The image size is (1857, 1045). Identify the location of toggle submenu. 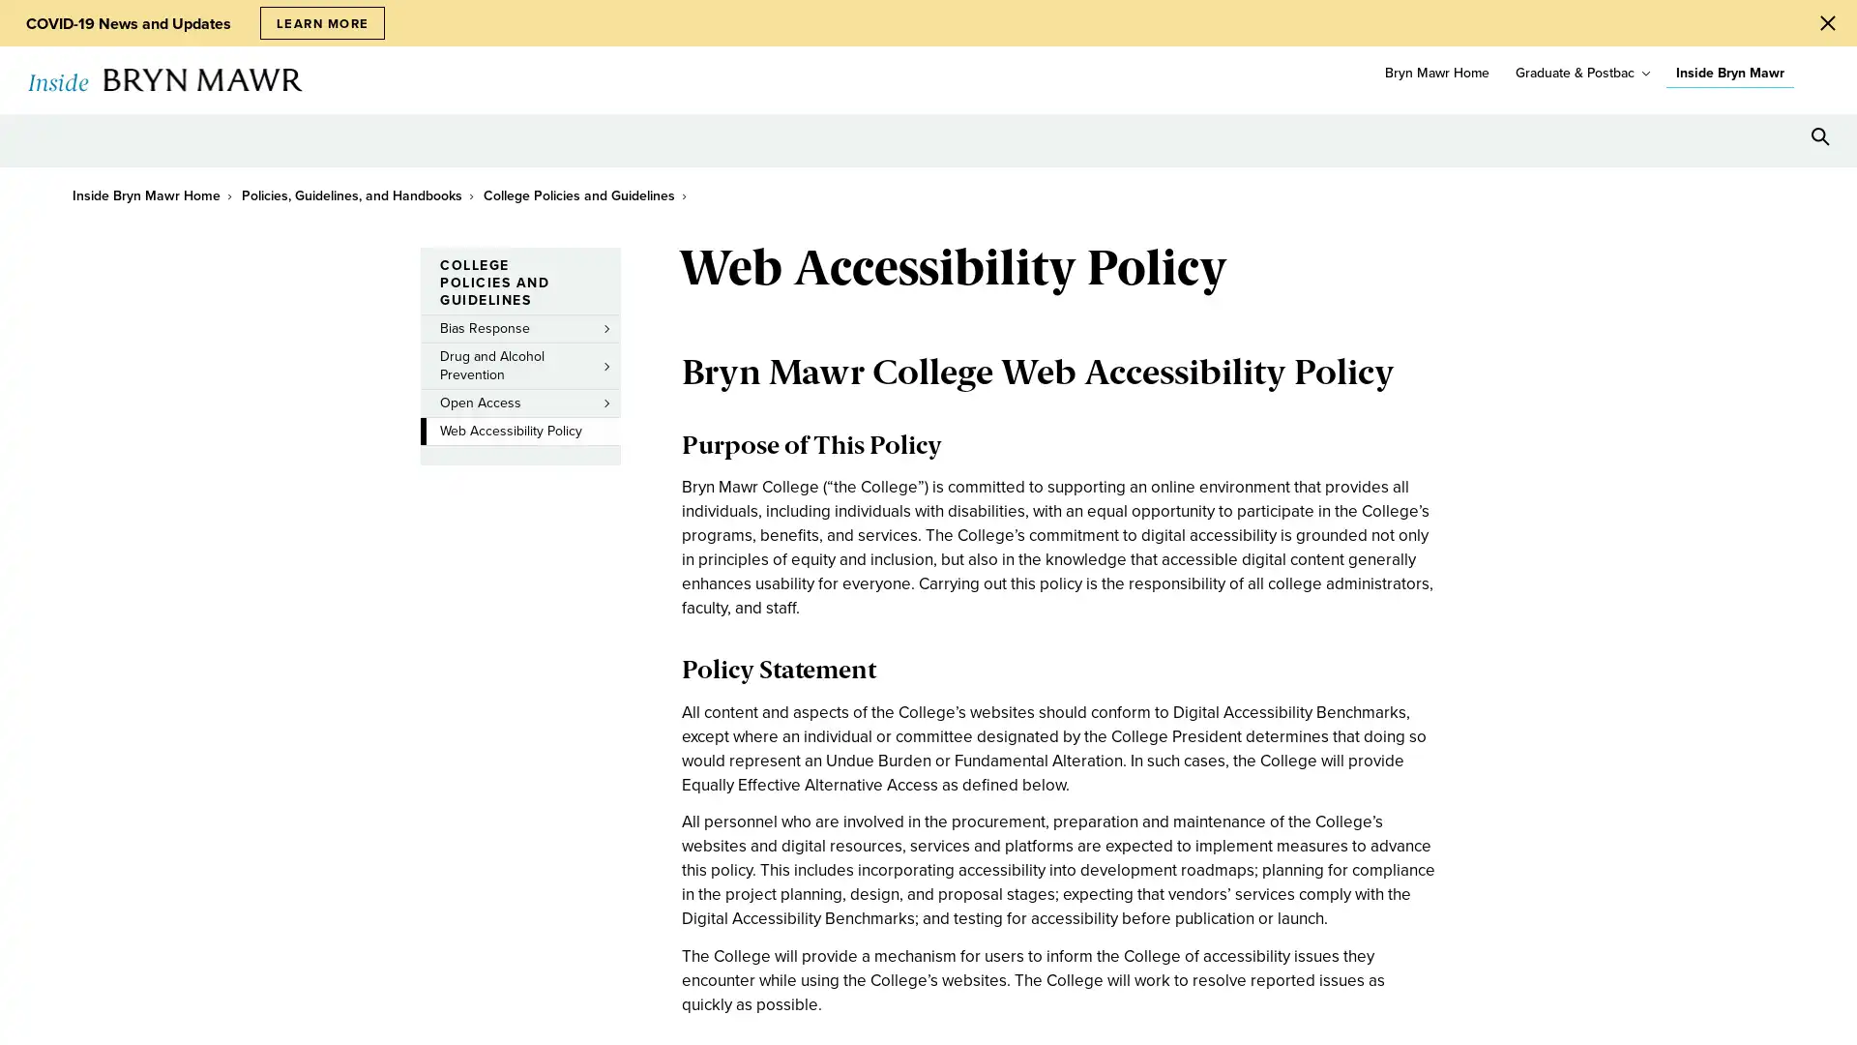
(541, 126).